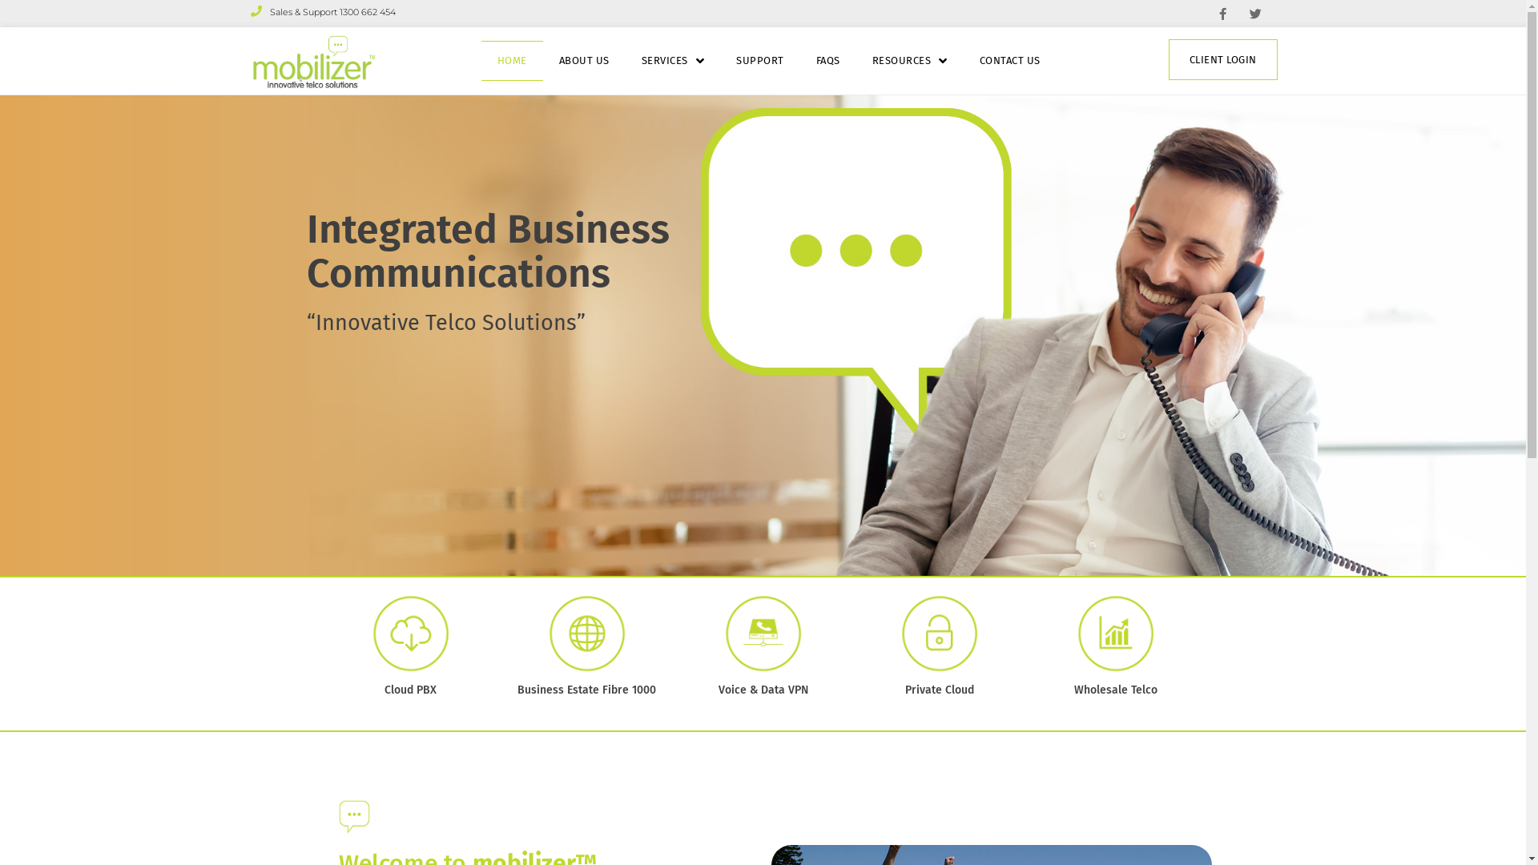  What do you see at coordinates (511, 60) in the screenshot?
I see `'HOME'` at bounding box center [511, 60].